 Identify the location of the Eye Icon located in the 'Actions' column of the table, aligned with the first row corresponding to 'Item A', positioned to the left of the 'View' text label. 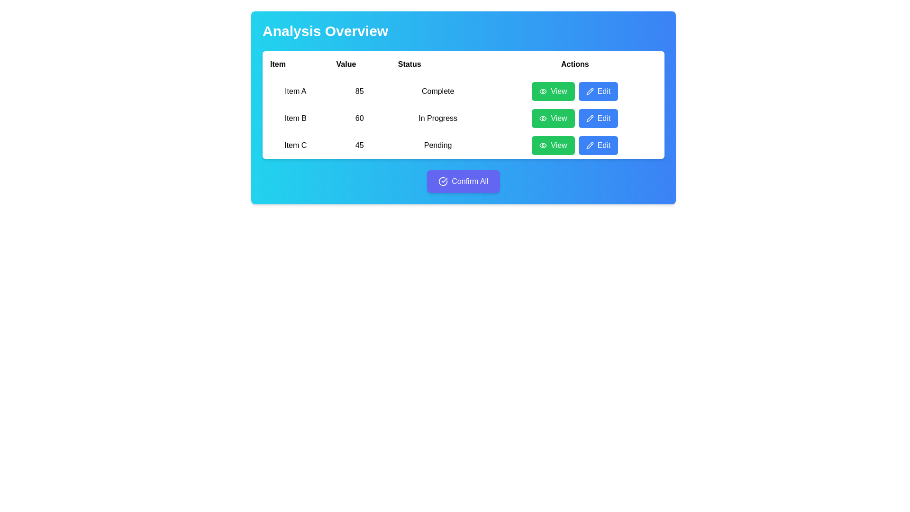
(543, 91).